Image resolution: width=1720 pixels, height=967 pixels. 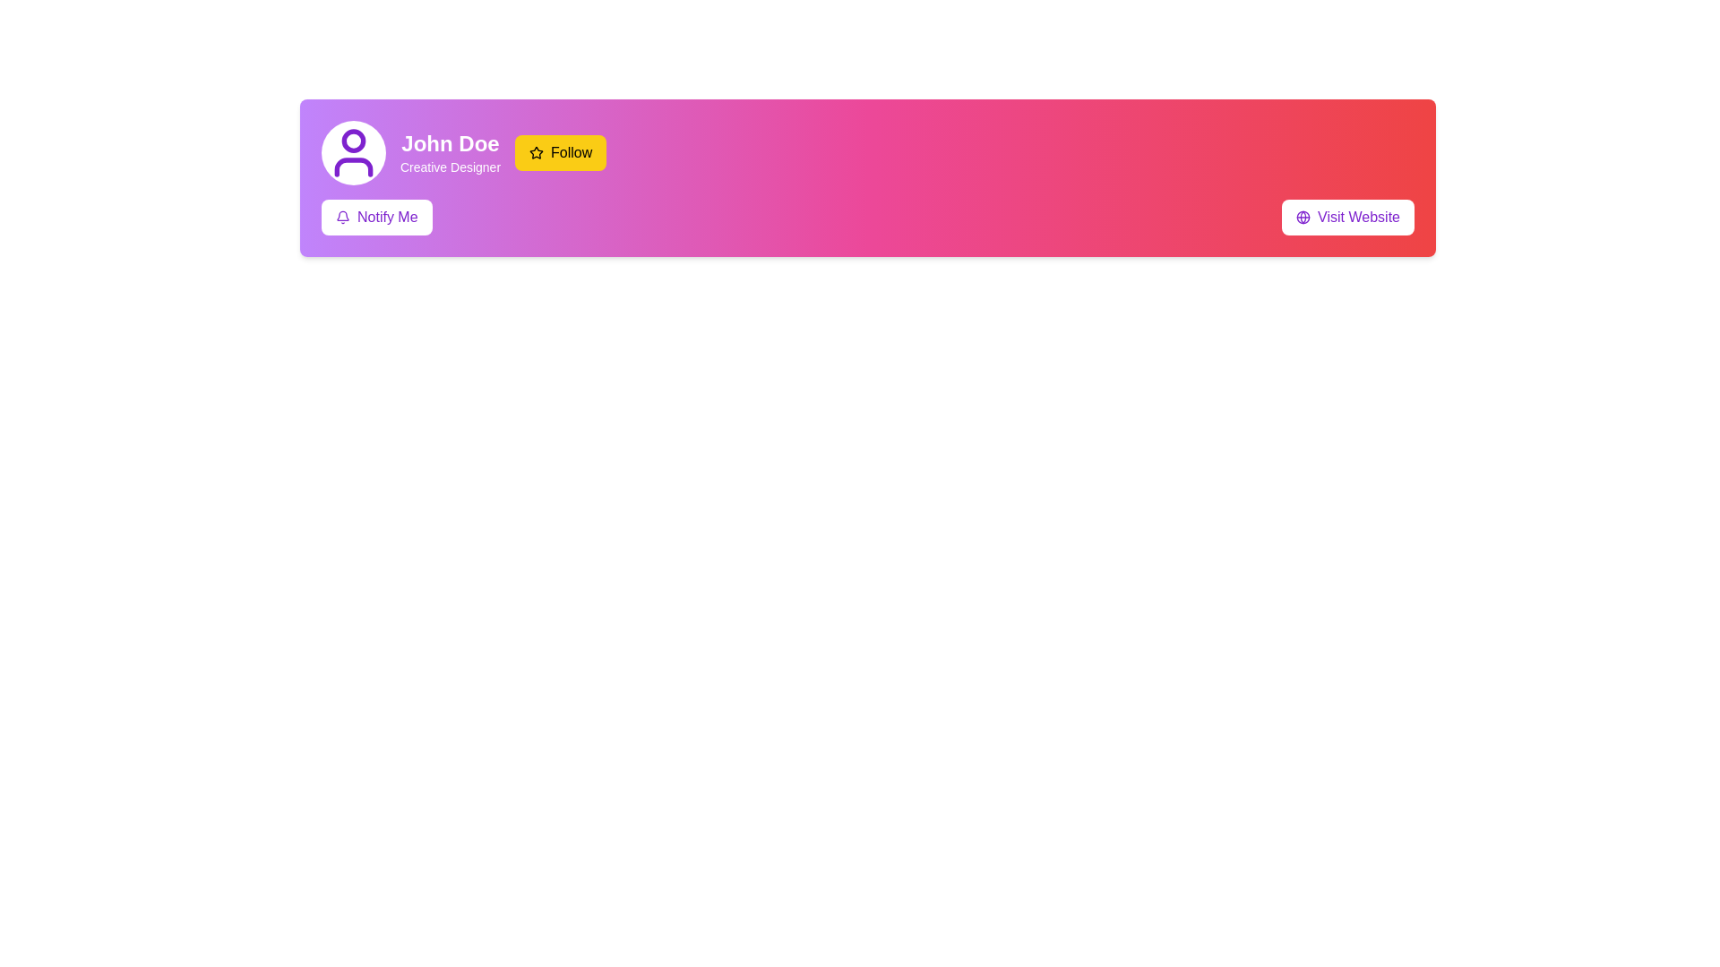 I want to click on the globe icon located inside the 'Visit Website' button at the top right of the interface, so click(x=1303, y=217).